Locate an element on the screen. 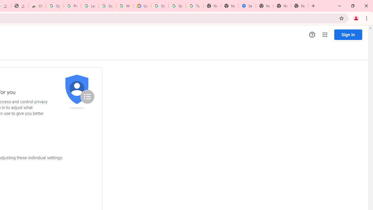  'Google Account Help' is located at coordinates (177, 6).